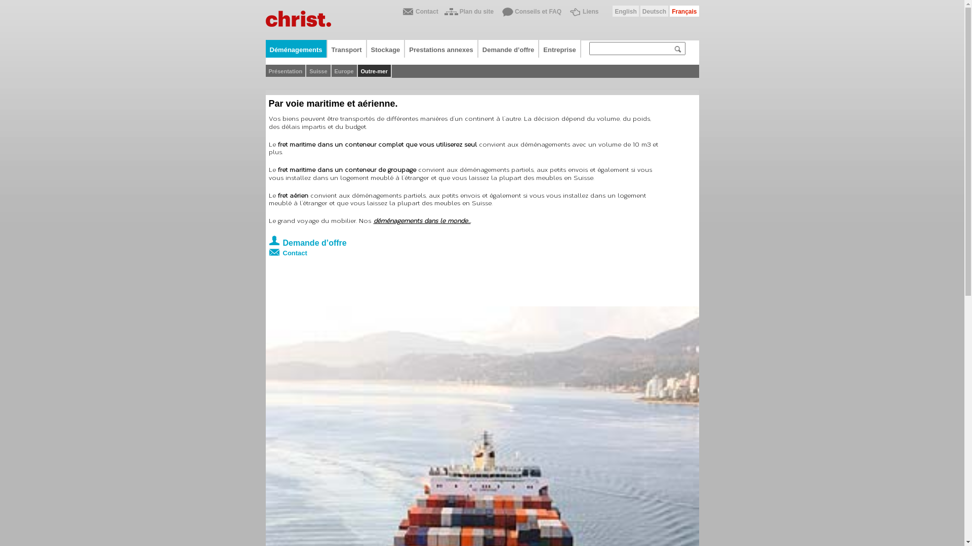  Describe the element at coordinates (583, 13) in the screenshot. I see `'Liens'` at that location.